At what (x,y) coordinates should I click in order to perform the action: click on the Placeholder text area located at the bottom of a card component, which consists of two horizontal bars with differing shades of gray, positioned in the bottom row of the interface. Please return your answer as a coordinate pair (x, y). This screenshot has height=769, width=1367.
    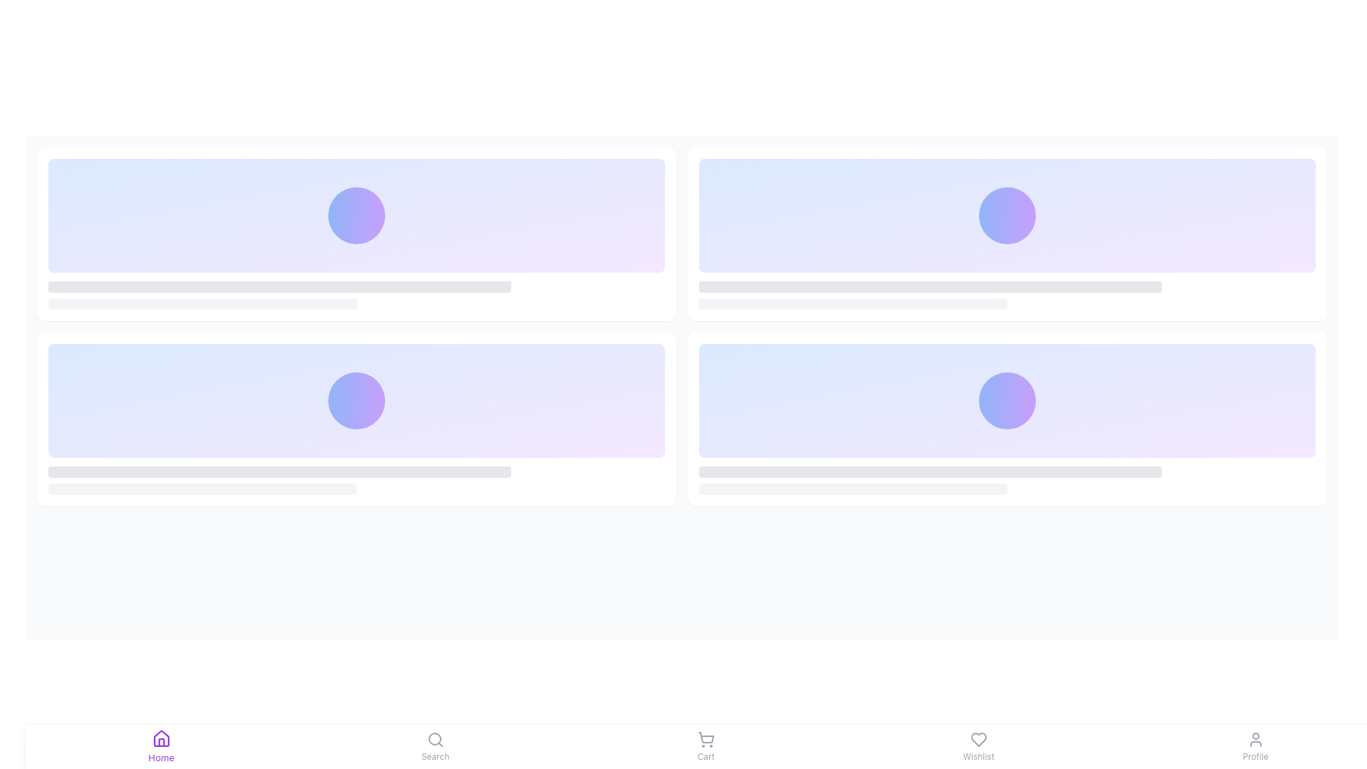
    Looking at the image, I should click on (356, 481).